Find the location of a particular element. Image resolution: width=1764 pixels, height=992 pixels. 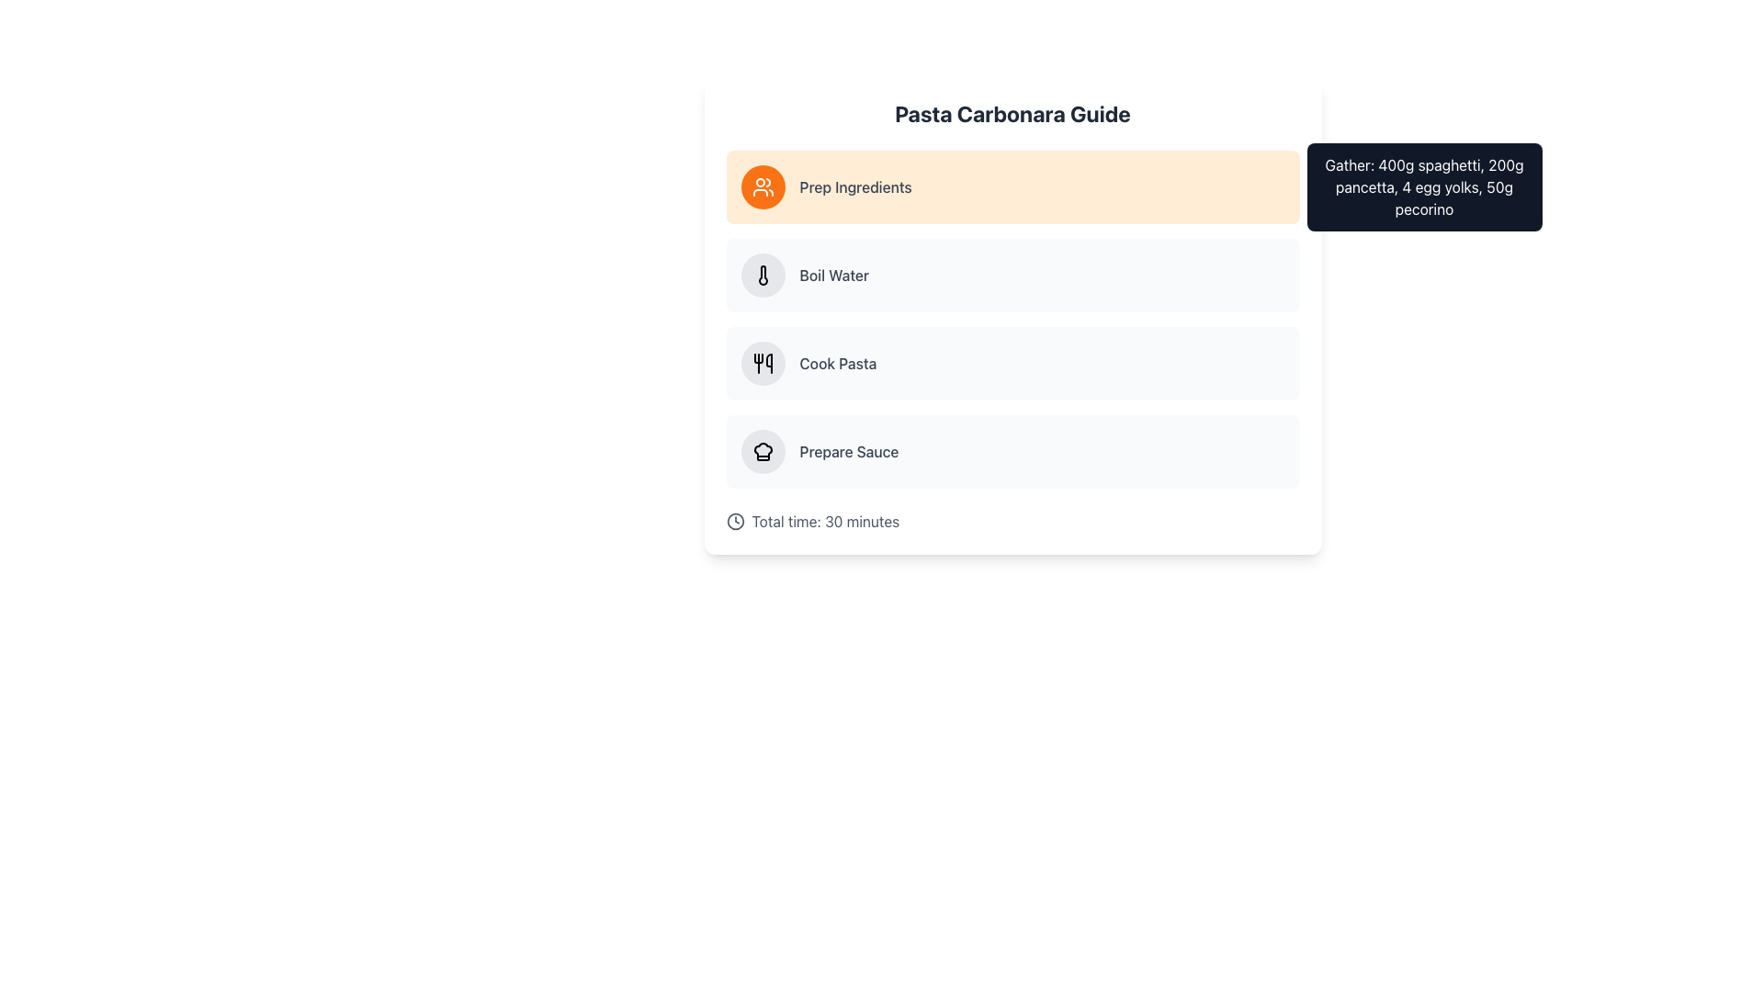

the icon of two stylized human figures in bright orange color, located in the 'Prep Ingredients' step of the 'Pasta Carbonara Guide', to interact with associated text elements is located at coordinates (763, 187).